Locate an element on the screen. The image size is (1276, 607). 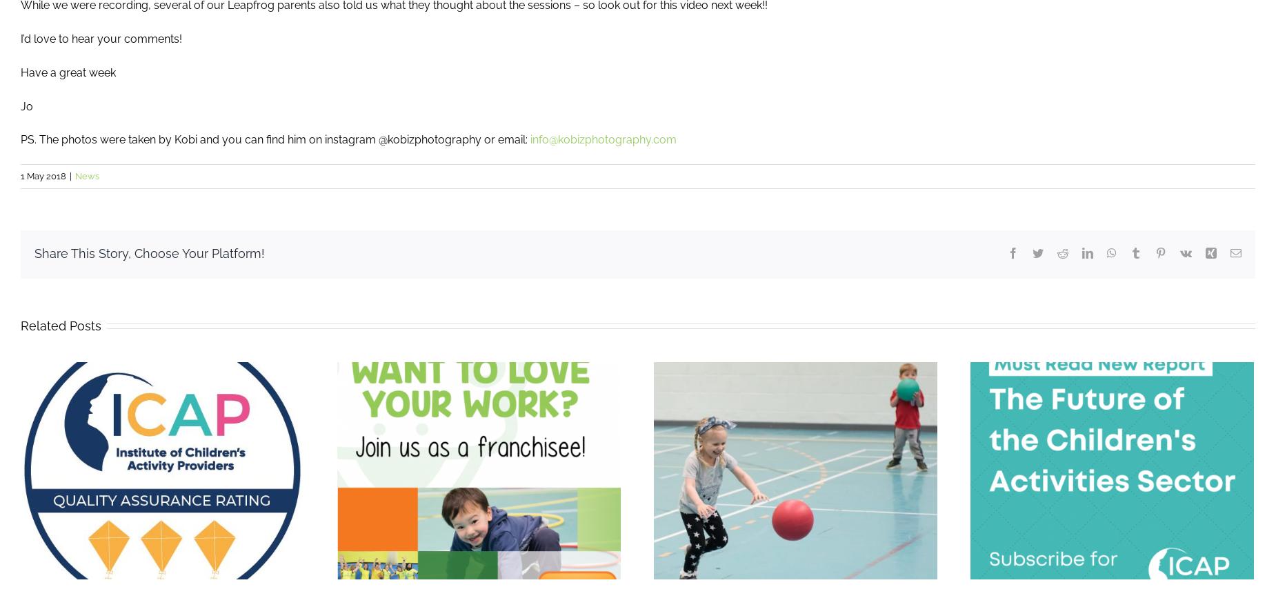
'Have a great week' is located at coordinates (67, 71).